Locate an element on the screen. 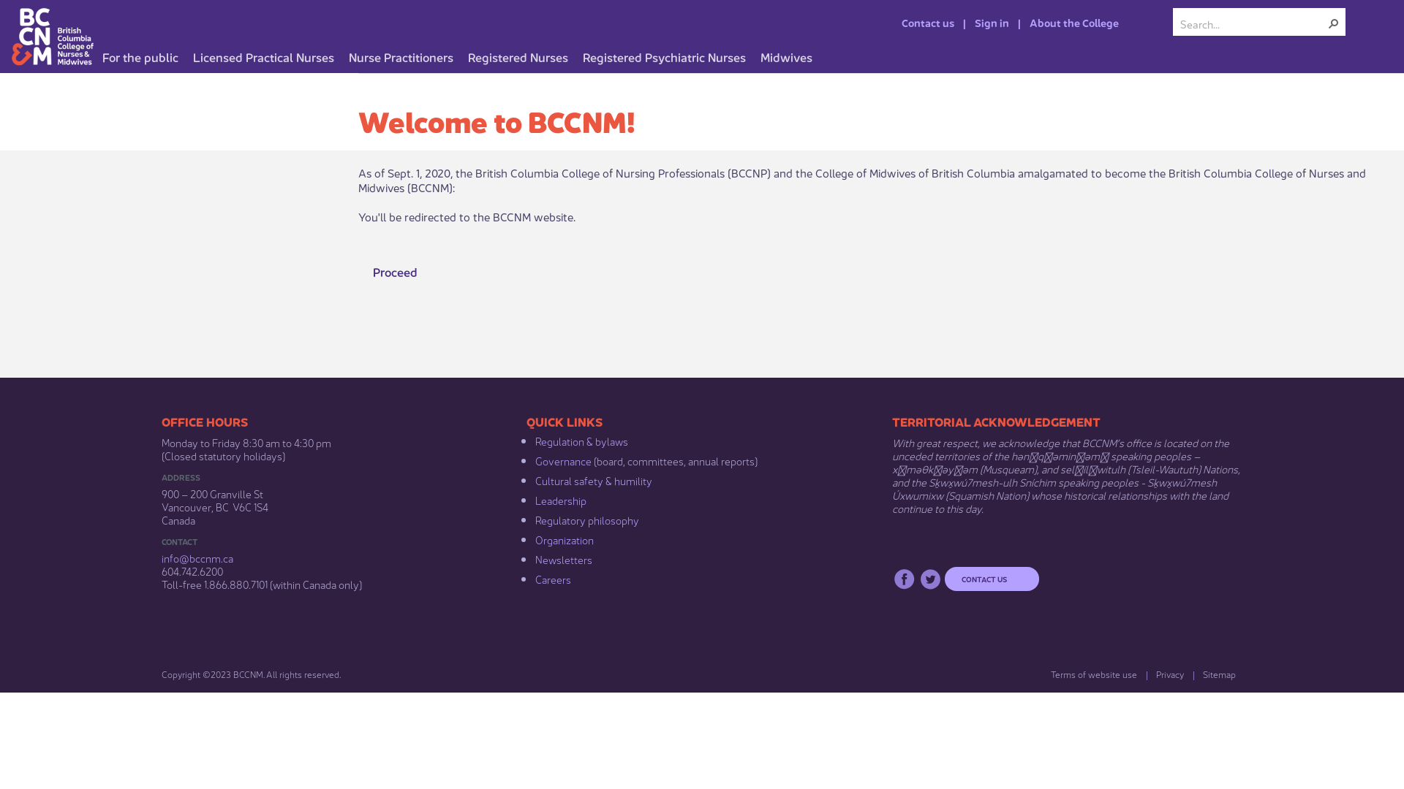  'Privacy' is located at coordinates (1164, 674).